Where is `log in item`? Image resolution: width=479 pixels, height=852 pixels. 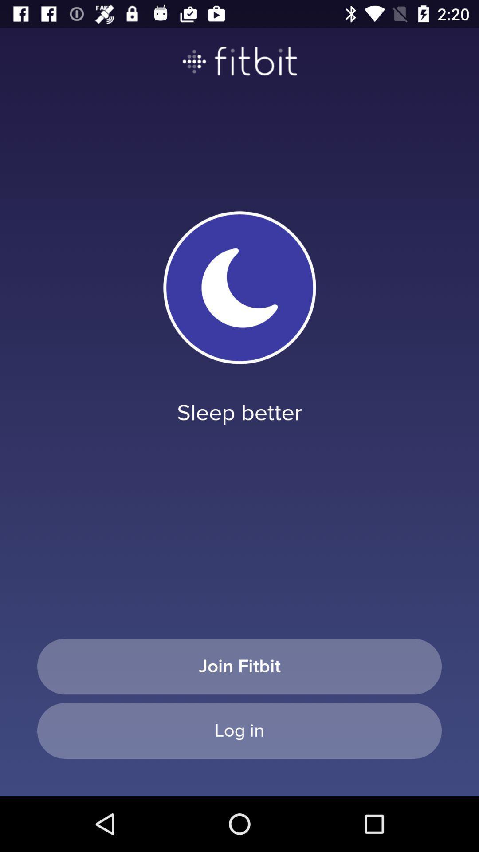
log in item is located at coordinates (239, 730).